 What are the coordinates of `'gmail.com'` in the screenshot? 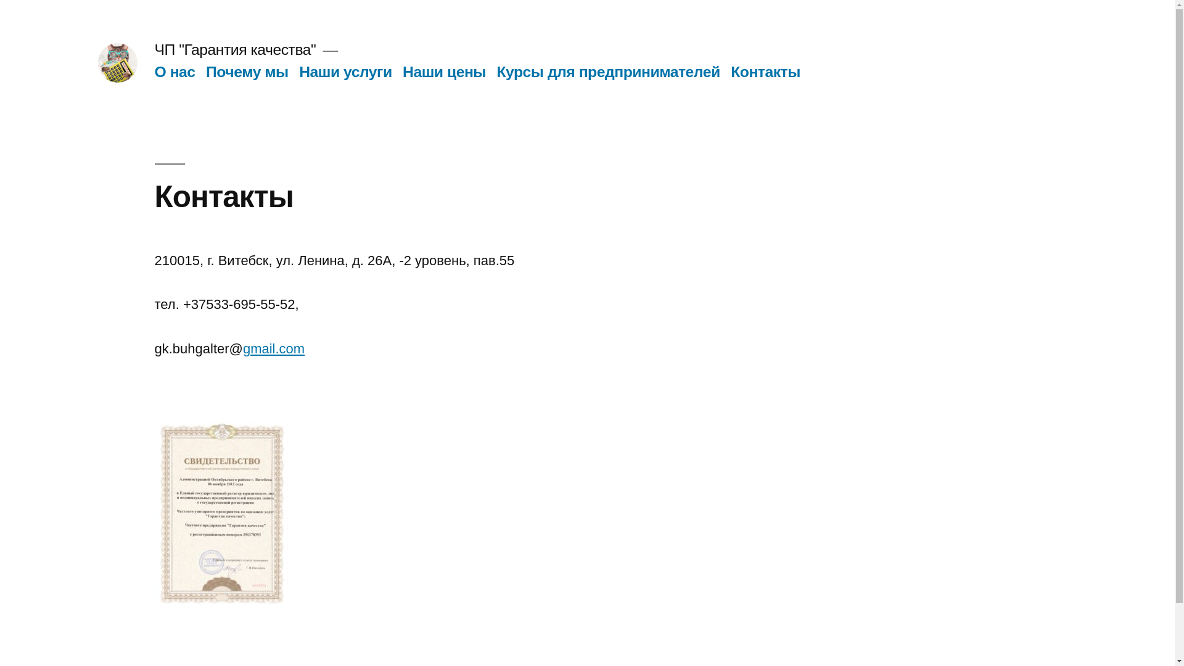 It's located at (273, 348).